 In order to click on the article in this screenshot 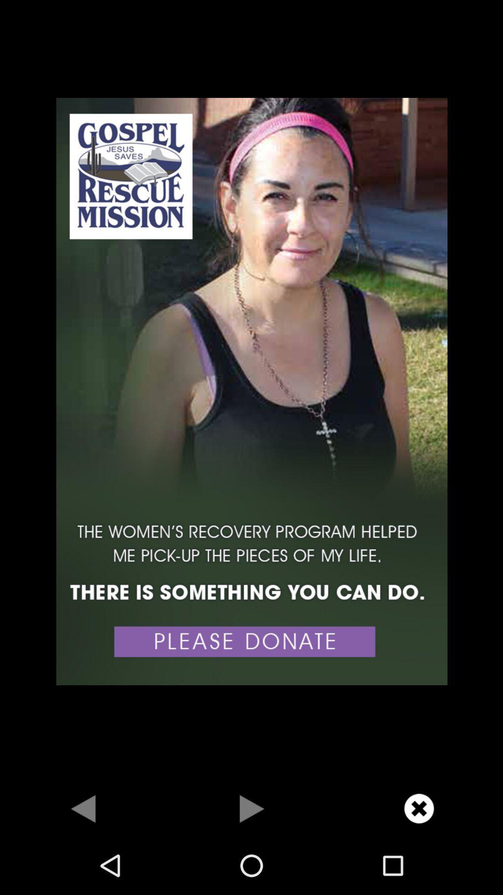, I will do `click(418, 808)`.